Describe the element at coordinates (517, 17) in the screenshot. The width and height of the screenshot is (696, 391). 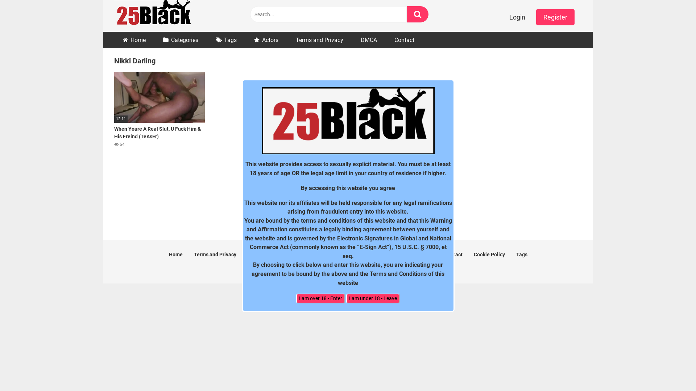
I see `'Login'` at that location.